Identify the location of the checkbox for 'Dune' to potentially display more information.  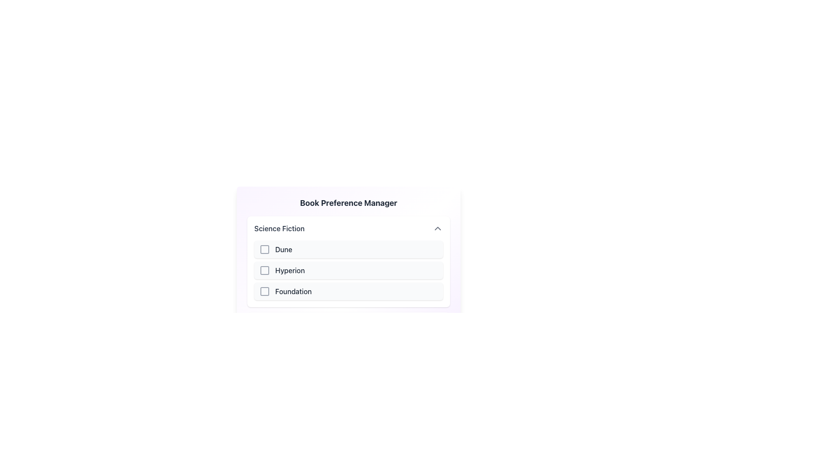
(264, 249).